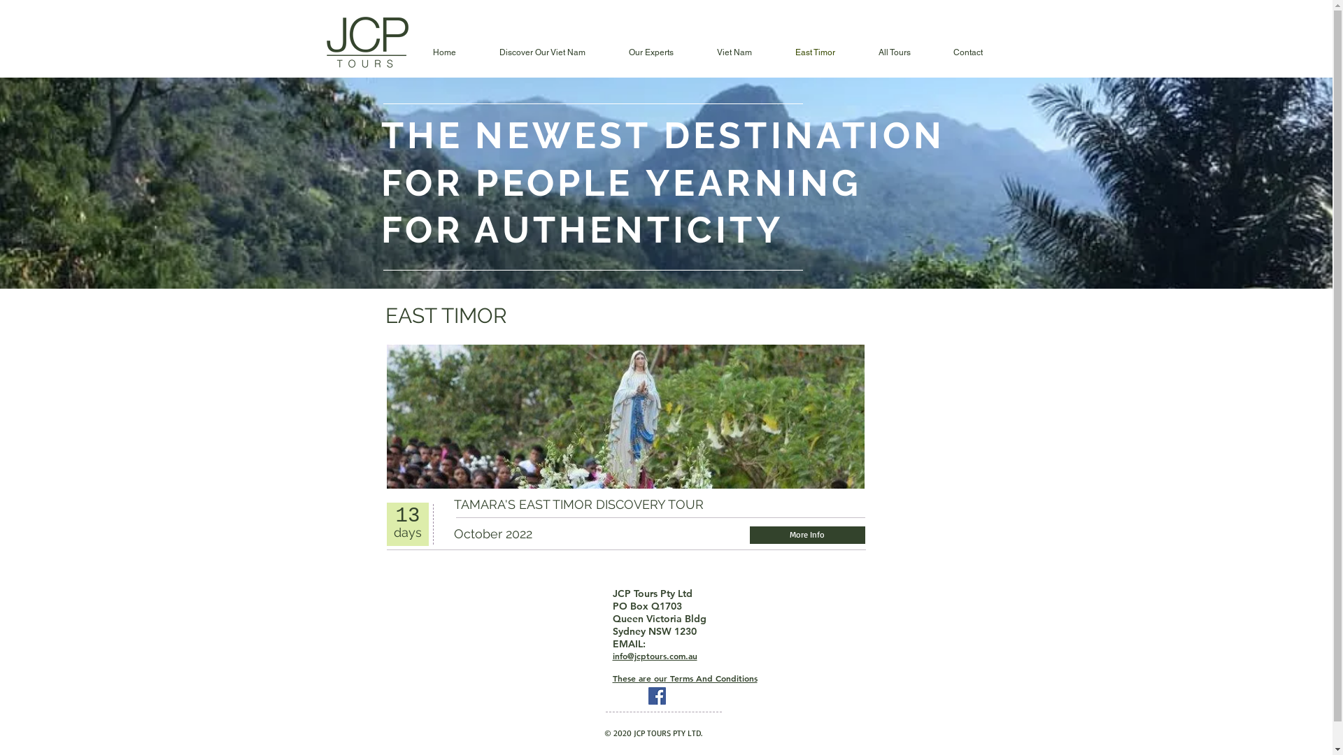 The image size is (1343, 755). Describe the element at coordinates (612, 656) in the screenshot. I see `'info@jcptours.com.au'` at that location.